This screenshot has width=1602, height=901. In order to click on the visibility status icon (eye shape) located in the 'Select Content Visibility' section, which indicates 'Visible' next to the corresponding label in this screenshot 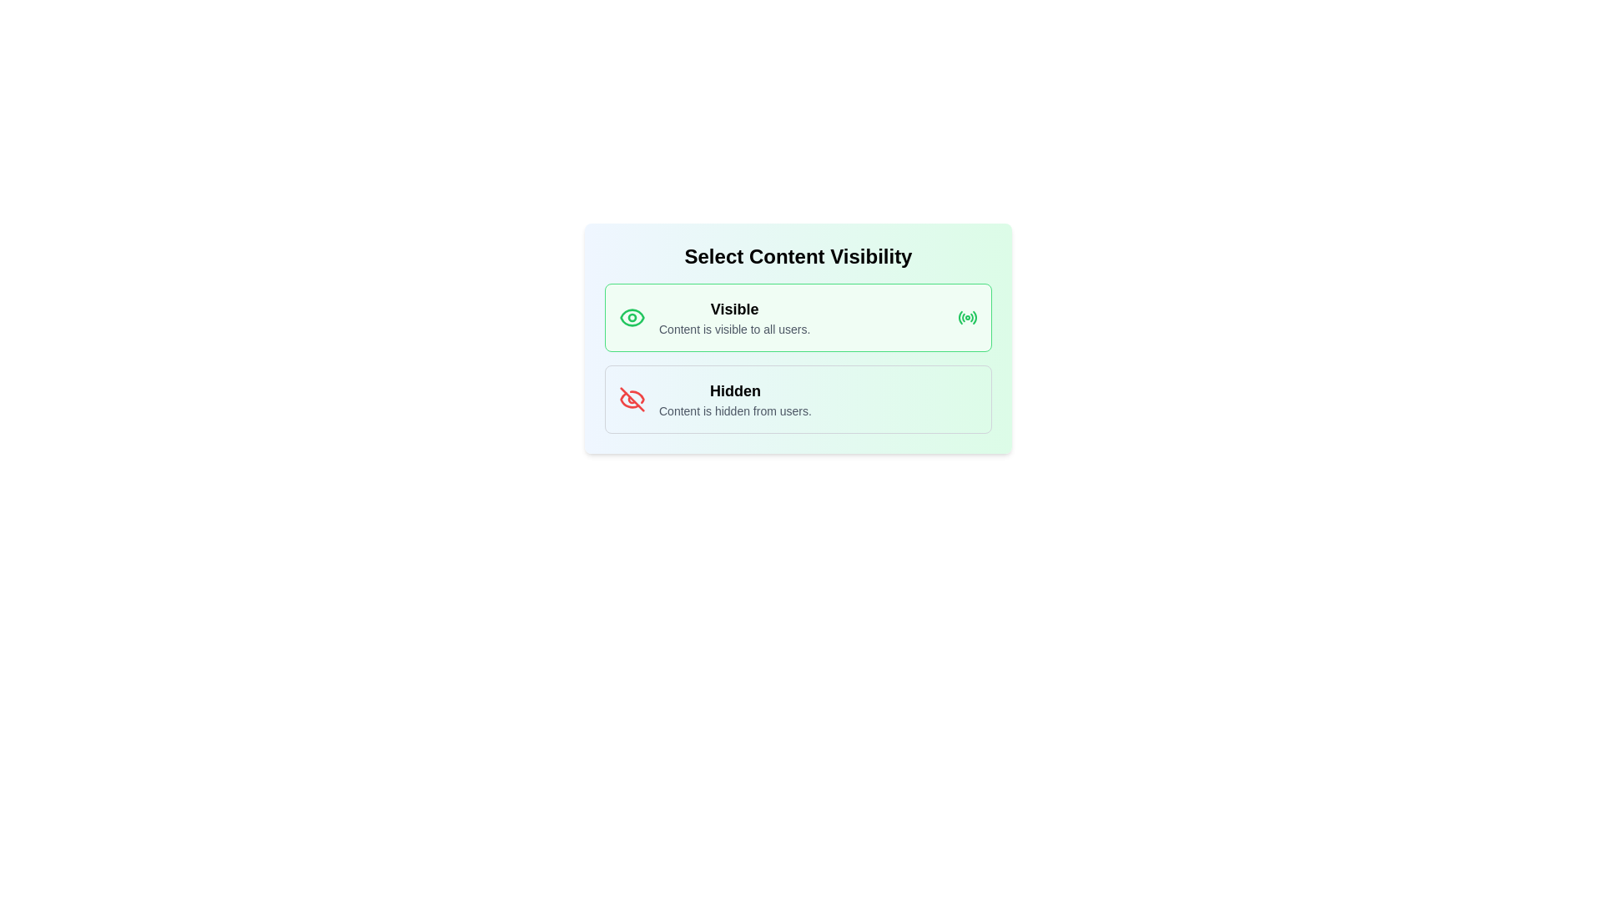, I will do `click(632, 318)`.